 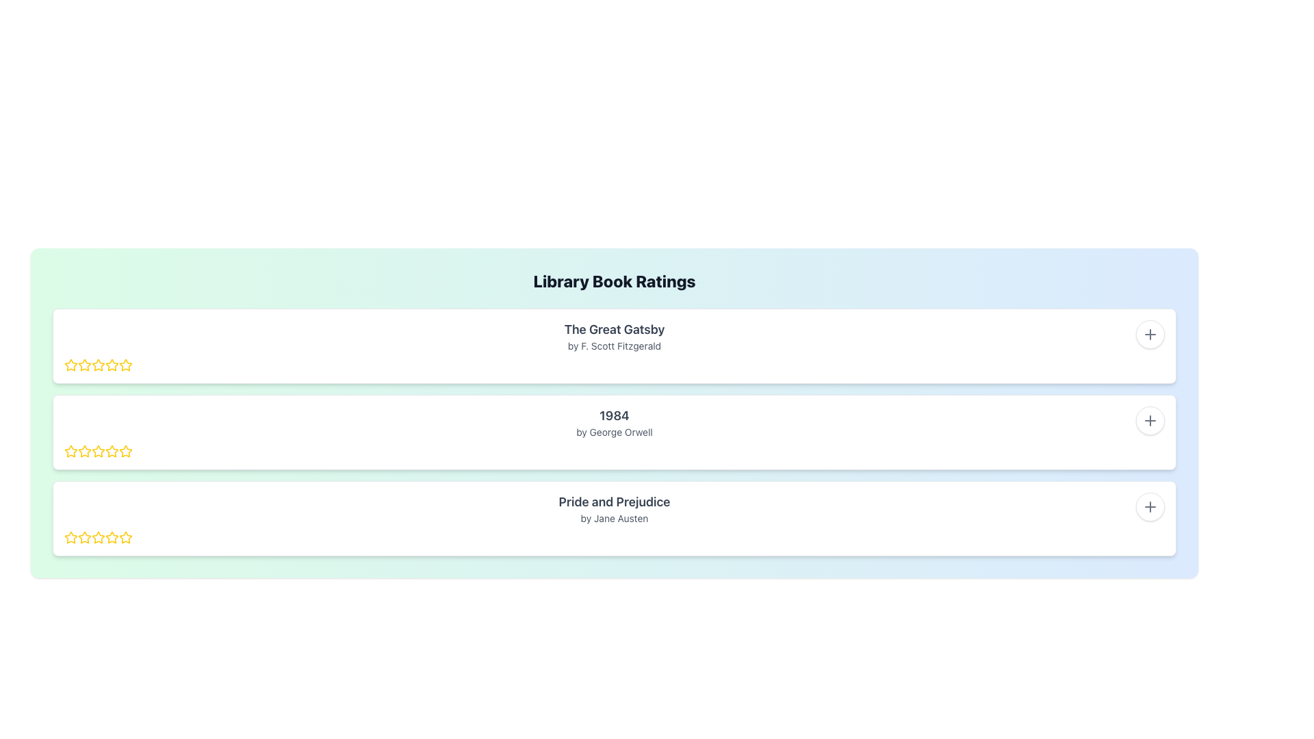 I want to click on the first star icon with a yellow outline in the rating interface for the book 'Pride and Prejudice' to rate at this level, so click(x=84, y=536).